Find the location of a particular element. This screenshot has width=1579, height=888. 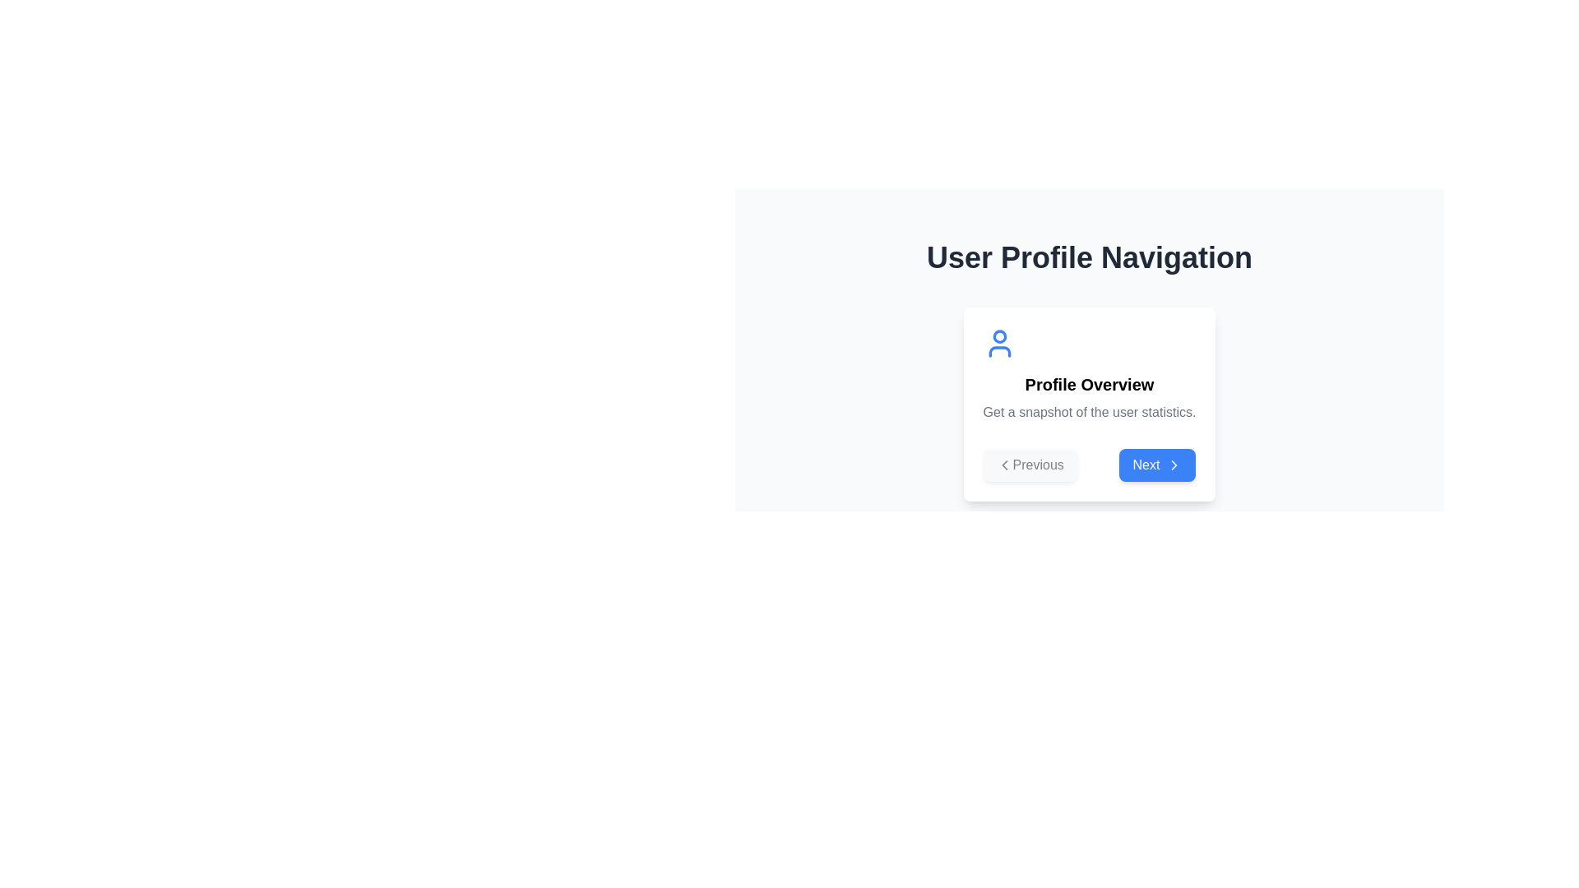

the small left-pointing chevron icon inside the 'Previous' button is located at coordinates (1003, 465).